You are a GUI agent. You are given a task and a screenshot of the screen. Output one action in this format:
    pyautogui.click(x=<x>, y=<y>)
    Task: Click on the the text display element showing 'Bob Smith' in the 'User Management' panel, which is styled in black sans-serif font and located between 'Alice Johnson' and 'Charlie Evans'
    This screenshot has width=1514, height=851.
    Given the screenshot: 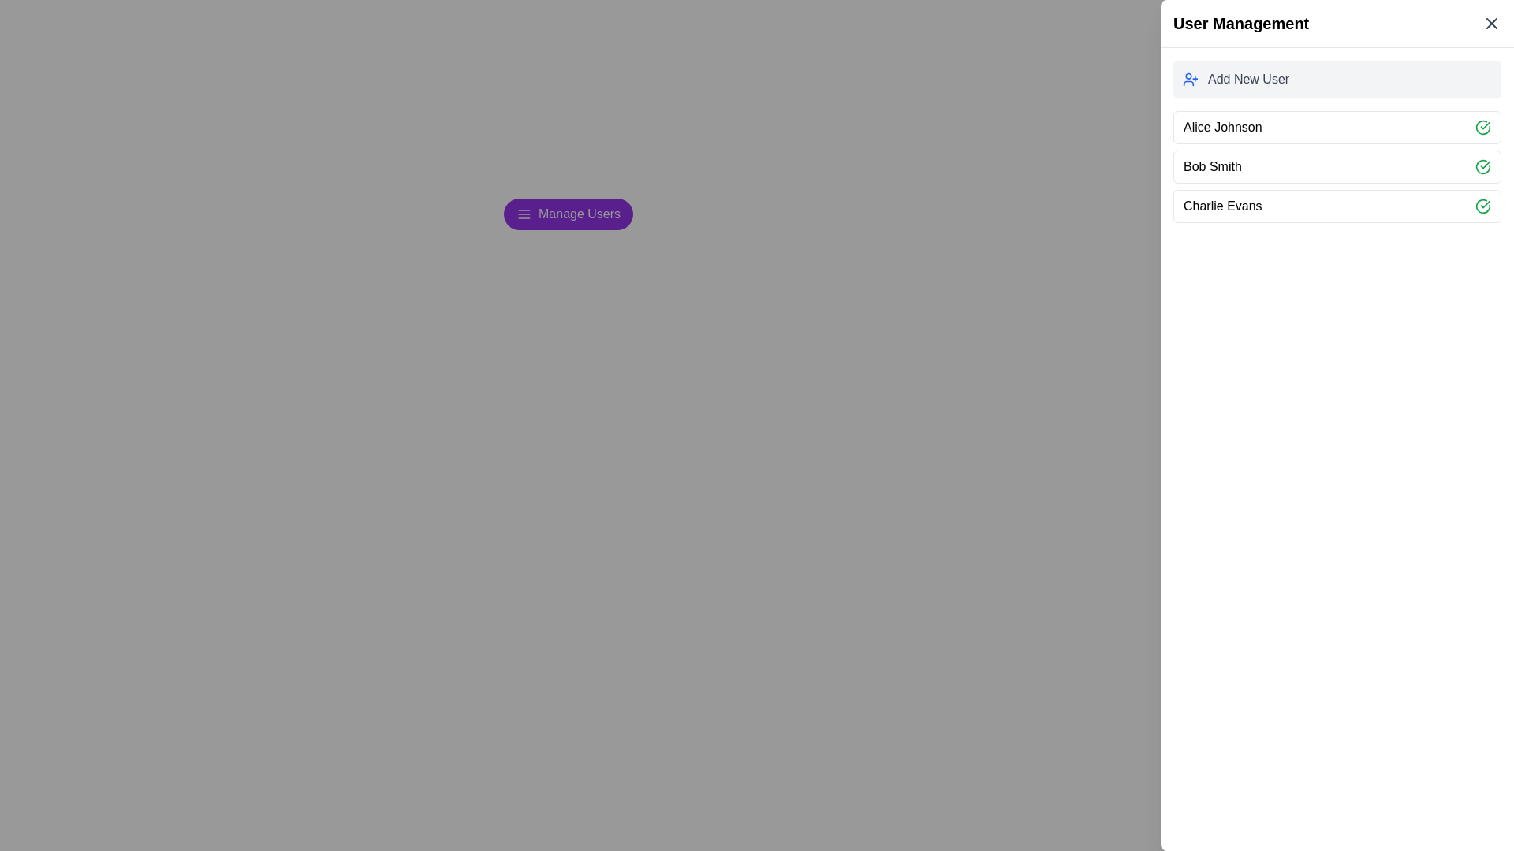 What is the action you would take?
    pyautogui.click(x=1211, y=167)
    